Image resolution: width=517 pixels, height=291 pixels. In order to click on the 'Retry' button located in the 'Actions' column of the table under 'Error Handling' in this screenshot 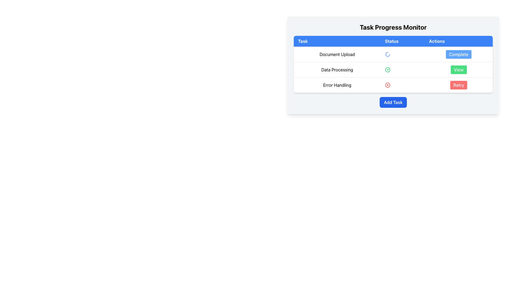, I will do `click(458, 85)`.